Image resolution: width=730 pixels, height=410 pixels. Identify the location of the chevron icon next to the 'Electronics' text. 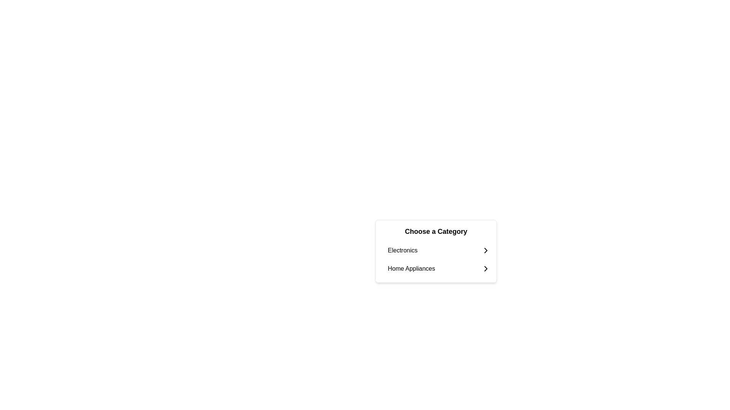
(485, 250).